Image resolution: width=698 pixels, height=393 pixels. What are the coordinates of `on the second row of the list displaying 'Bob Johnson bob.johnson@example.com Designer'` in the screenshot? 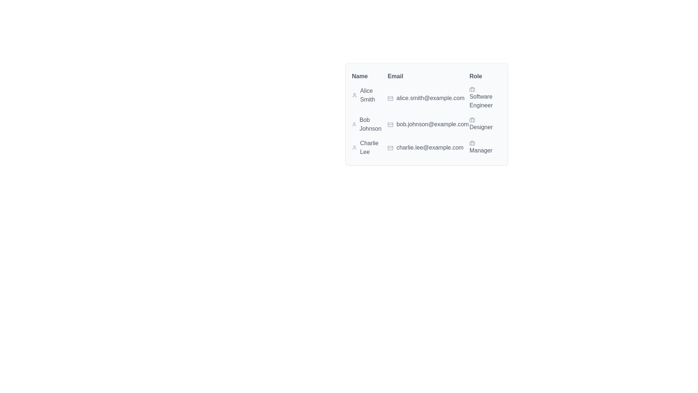 It's located at (427, 124).